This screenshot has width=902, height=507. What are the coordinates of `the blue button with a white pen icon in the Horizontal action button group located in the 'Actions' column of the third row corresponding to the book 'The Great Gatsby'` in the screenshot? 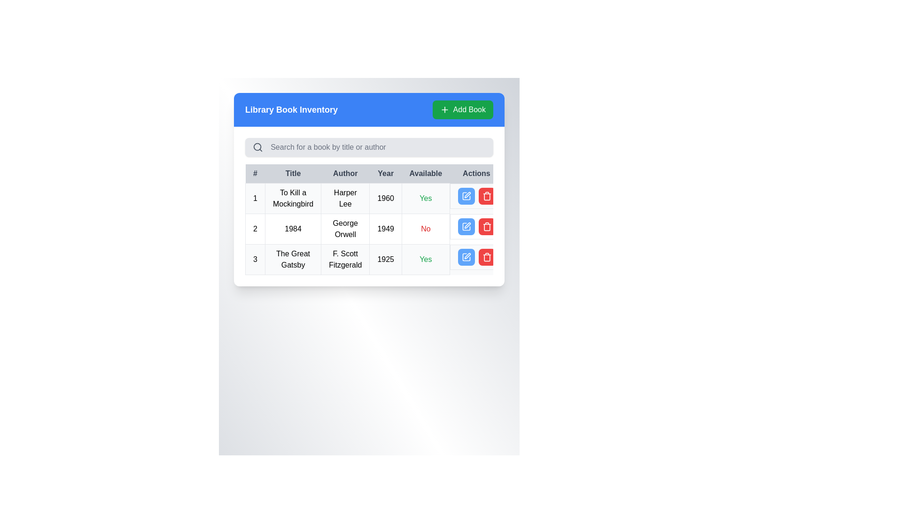 It's located at (476, 257).